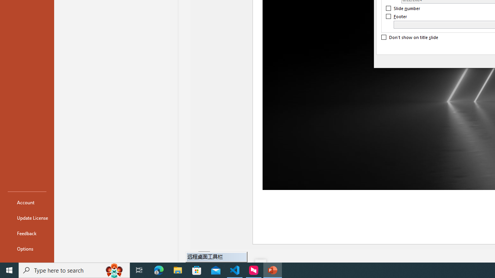  I want to click on 'Options', so click(27, 249).